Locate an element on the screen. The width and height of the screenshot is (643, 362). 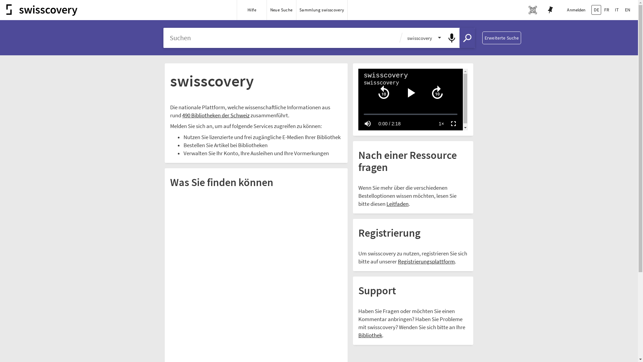
'490 Bibliotheken der Schweiz' is located at coordinates (216, 115).